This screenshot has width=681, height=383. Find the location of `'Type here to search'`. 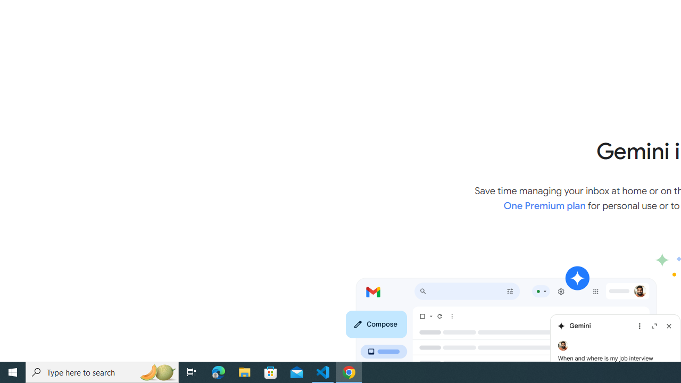

'Type here to search' is located at coordinates (102, 371).